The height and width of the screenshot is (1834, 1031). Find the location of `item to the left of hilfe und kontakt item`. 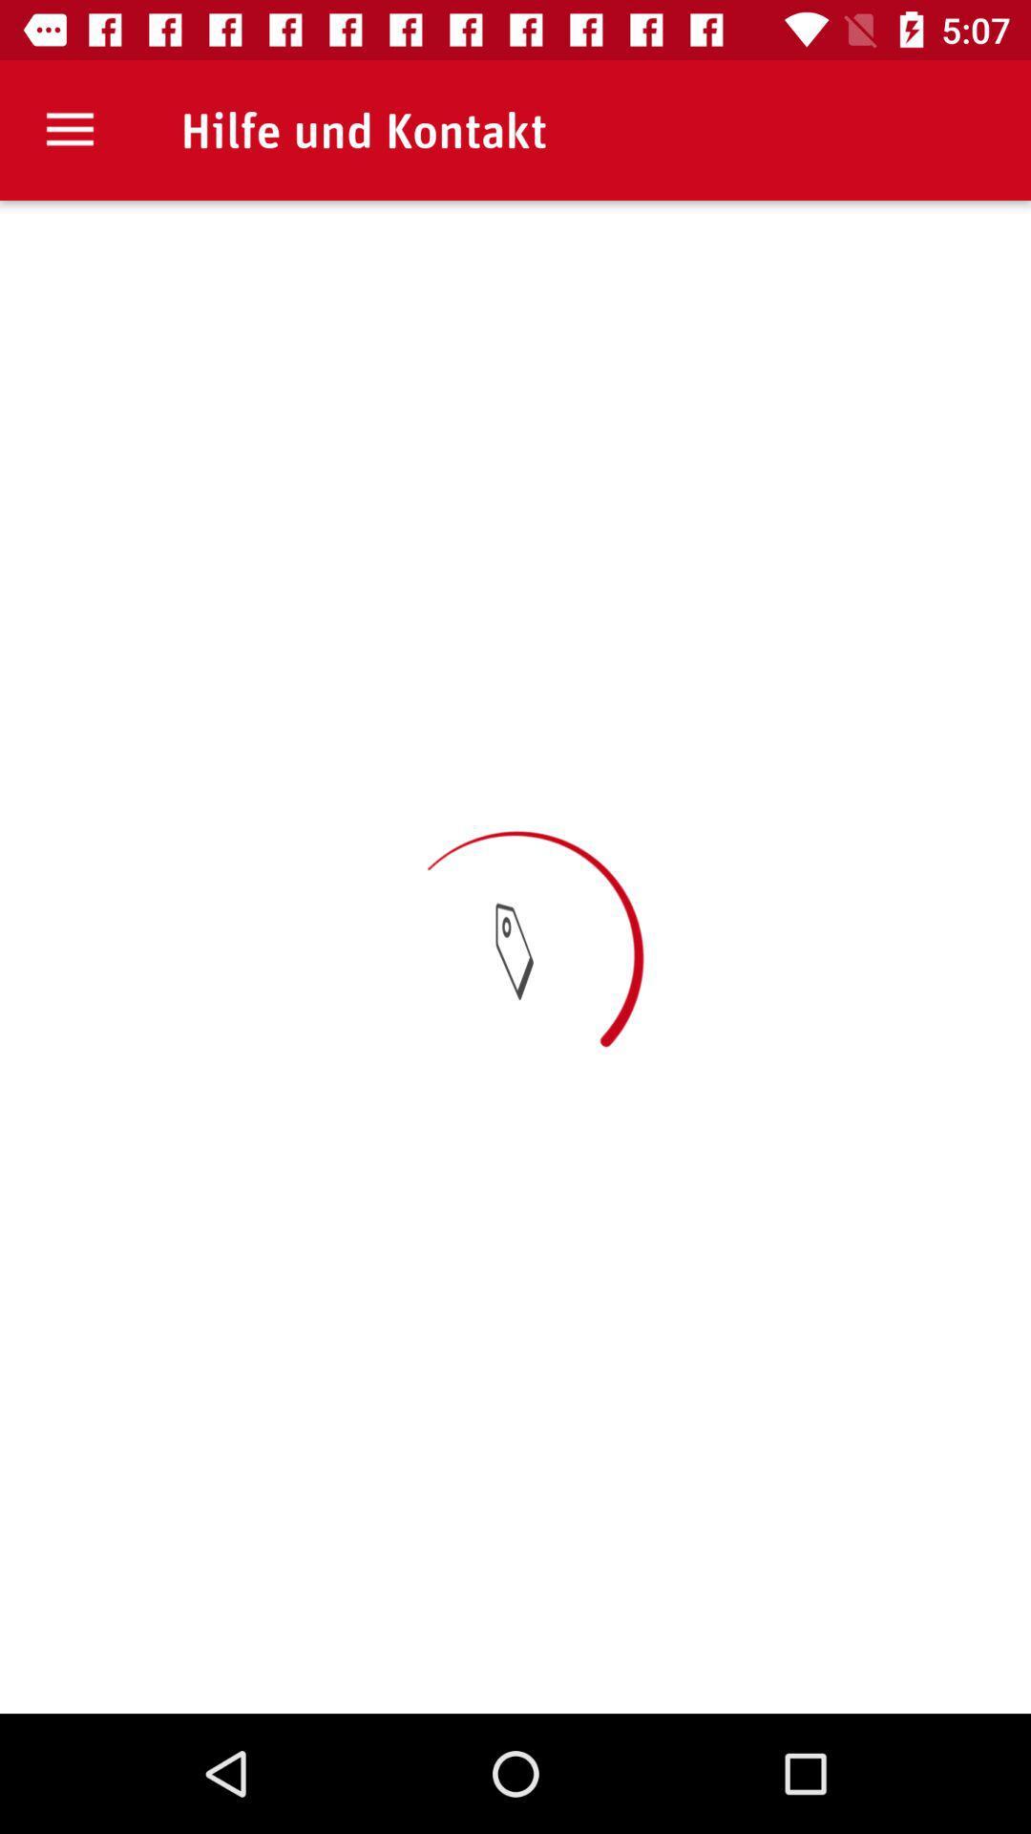

item to the left of hilfe und kontakt item is located at coordinates (69, 129).